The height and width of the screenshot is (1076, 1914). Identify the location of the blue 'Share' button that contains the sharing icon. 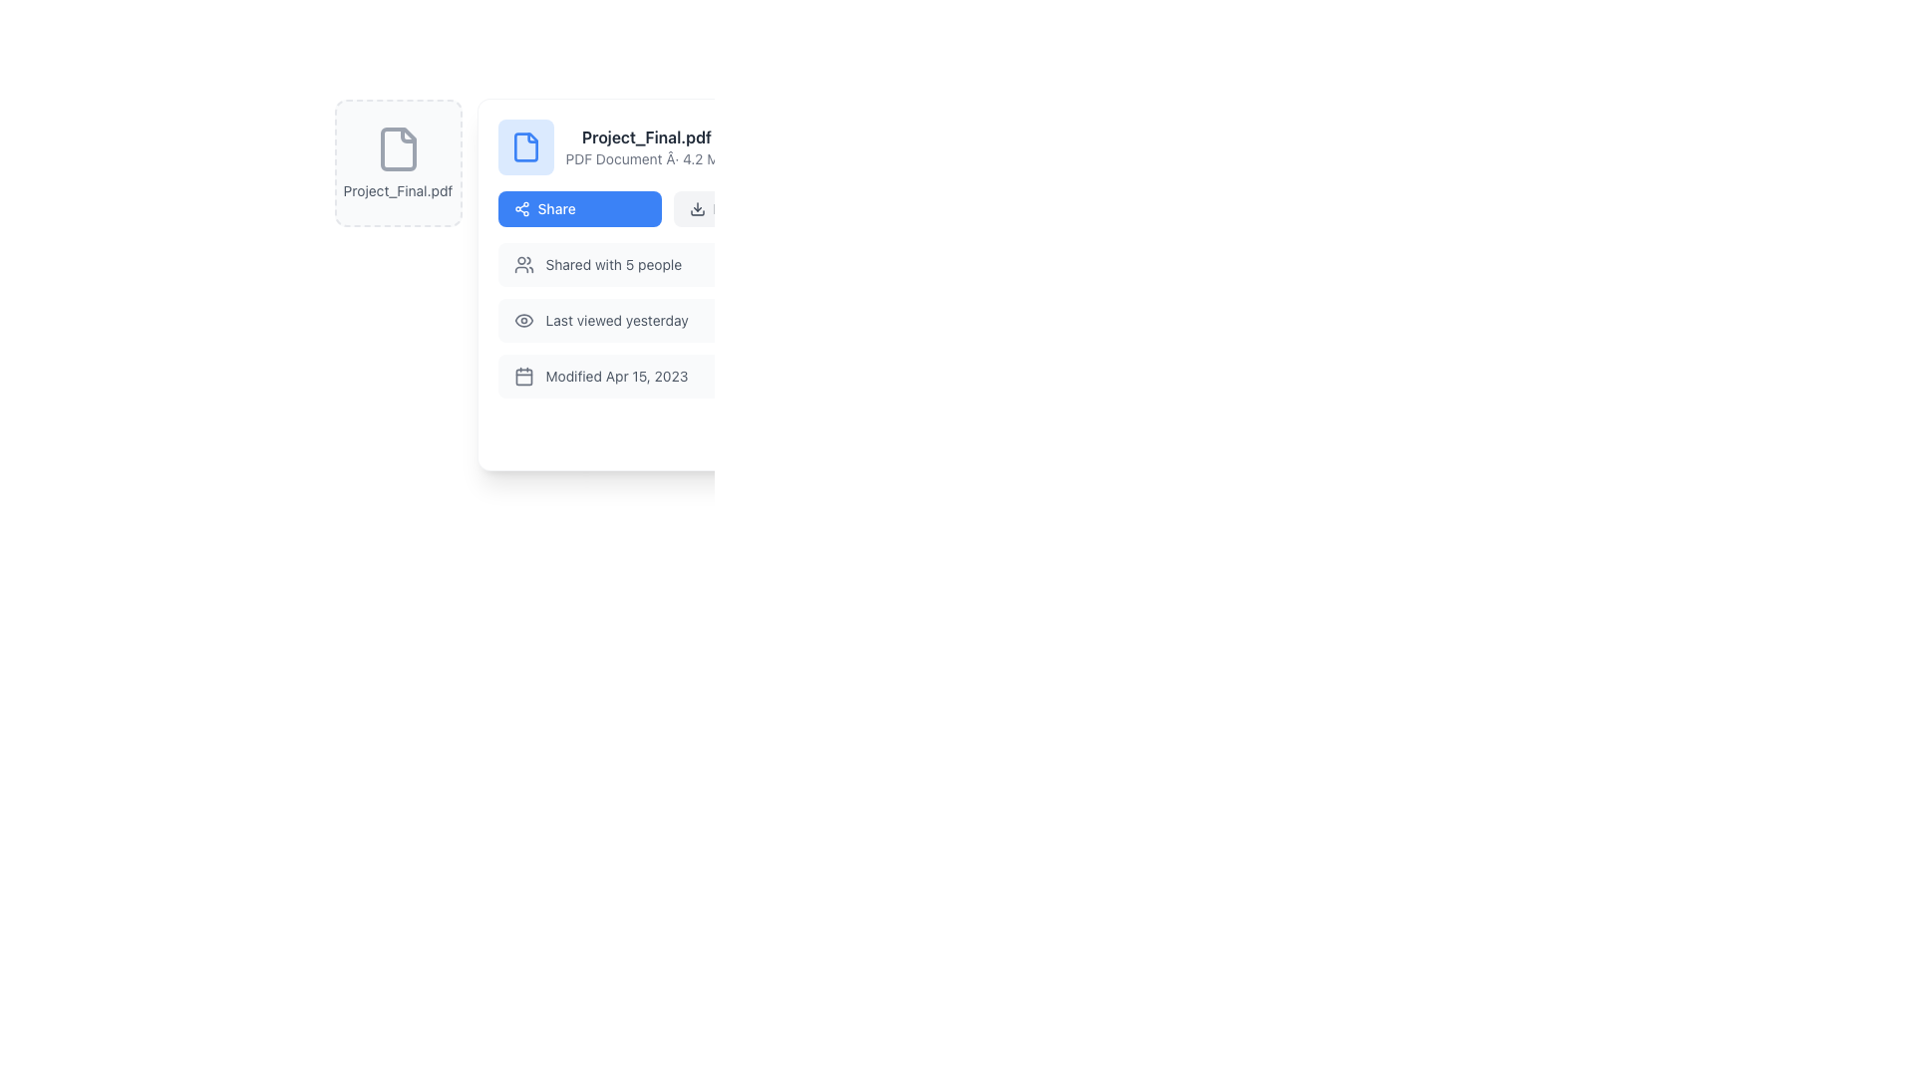
(521, 208).